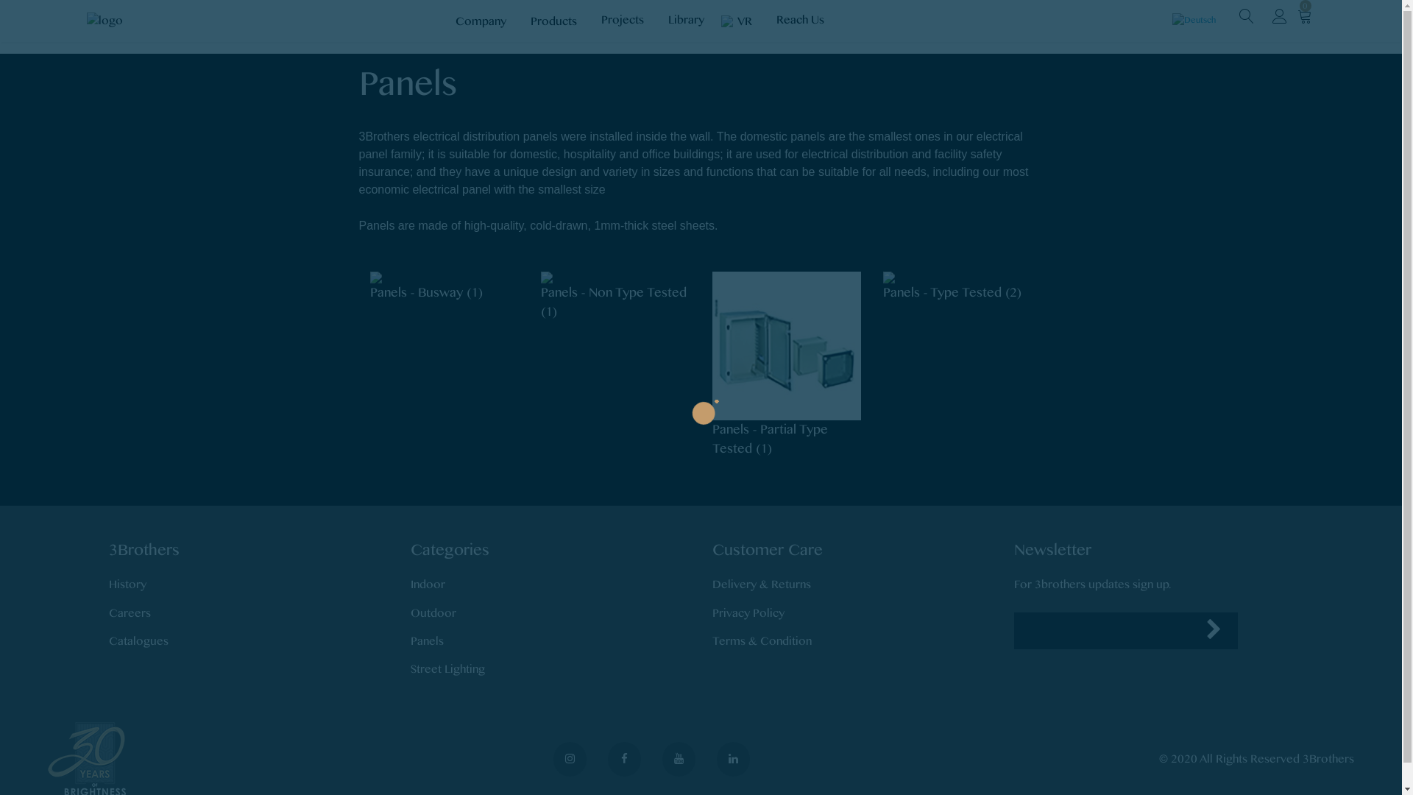 The height and width of the screenshot is (795, 1413). I want to click on 'Privacy Policy', so click(748, 613).